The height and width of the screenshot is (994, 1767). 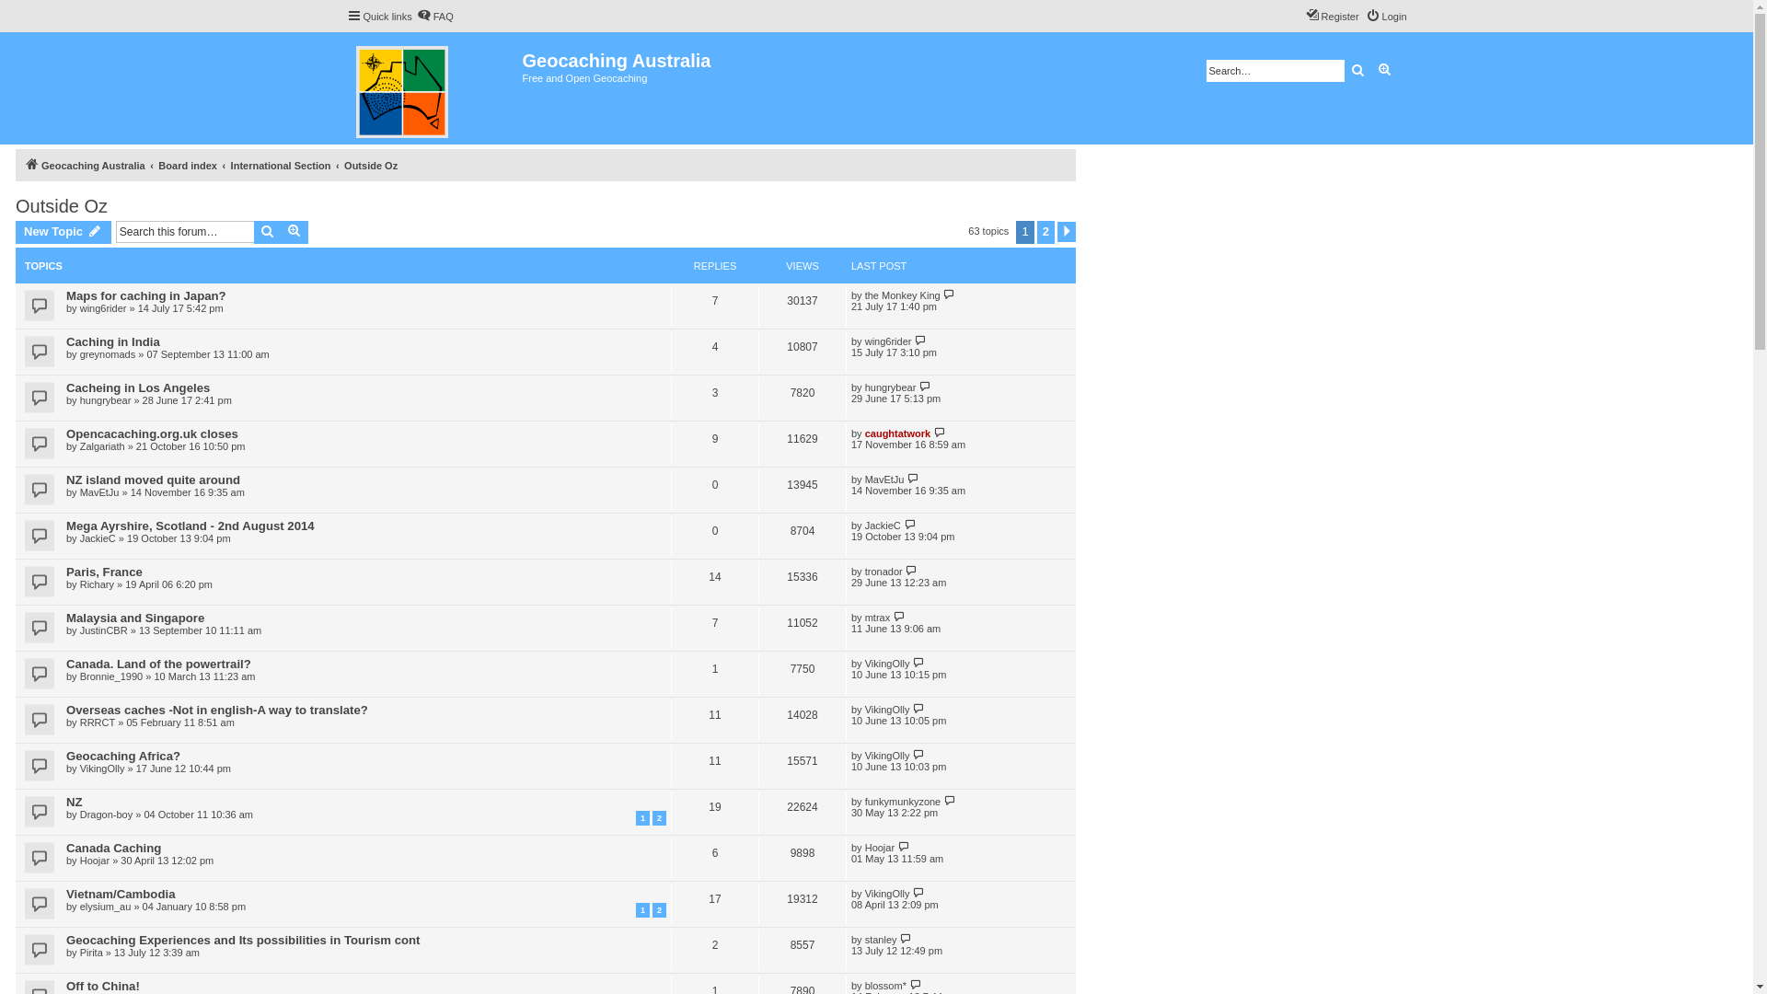 What do you see at coordinates (1332, 17) in the screenshot?
I see `'Register'` at bounding box center [1332, 17].